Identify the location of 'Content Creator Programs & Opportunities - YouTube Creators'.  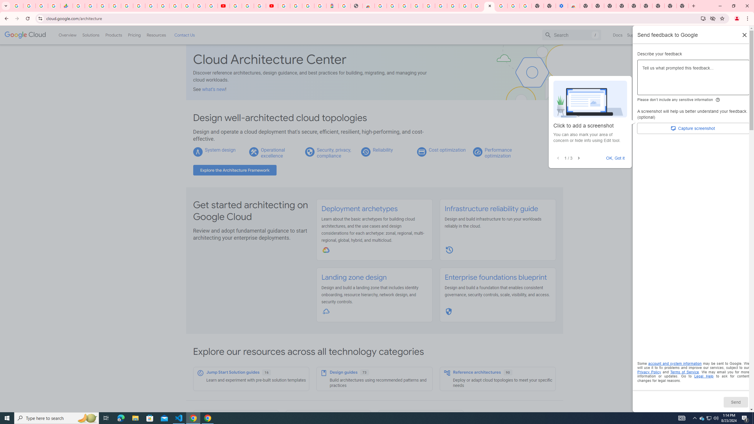
(271, 6).